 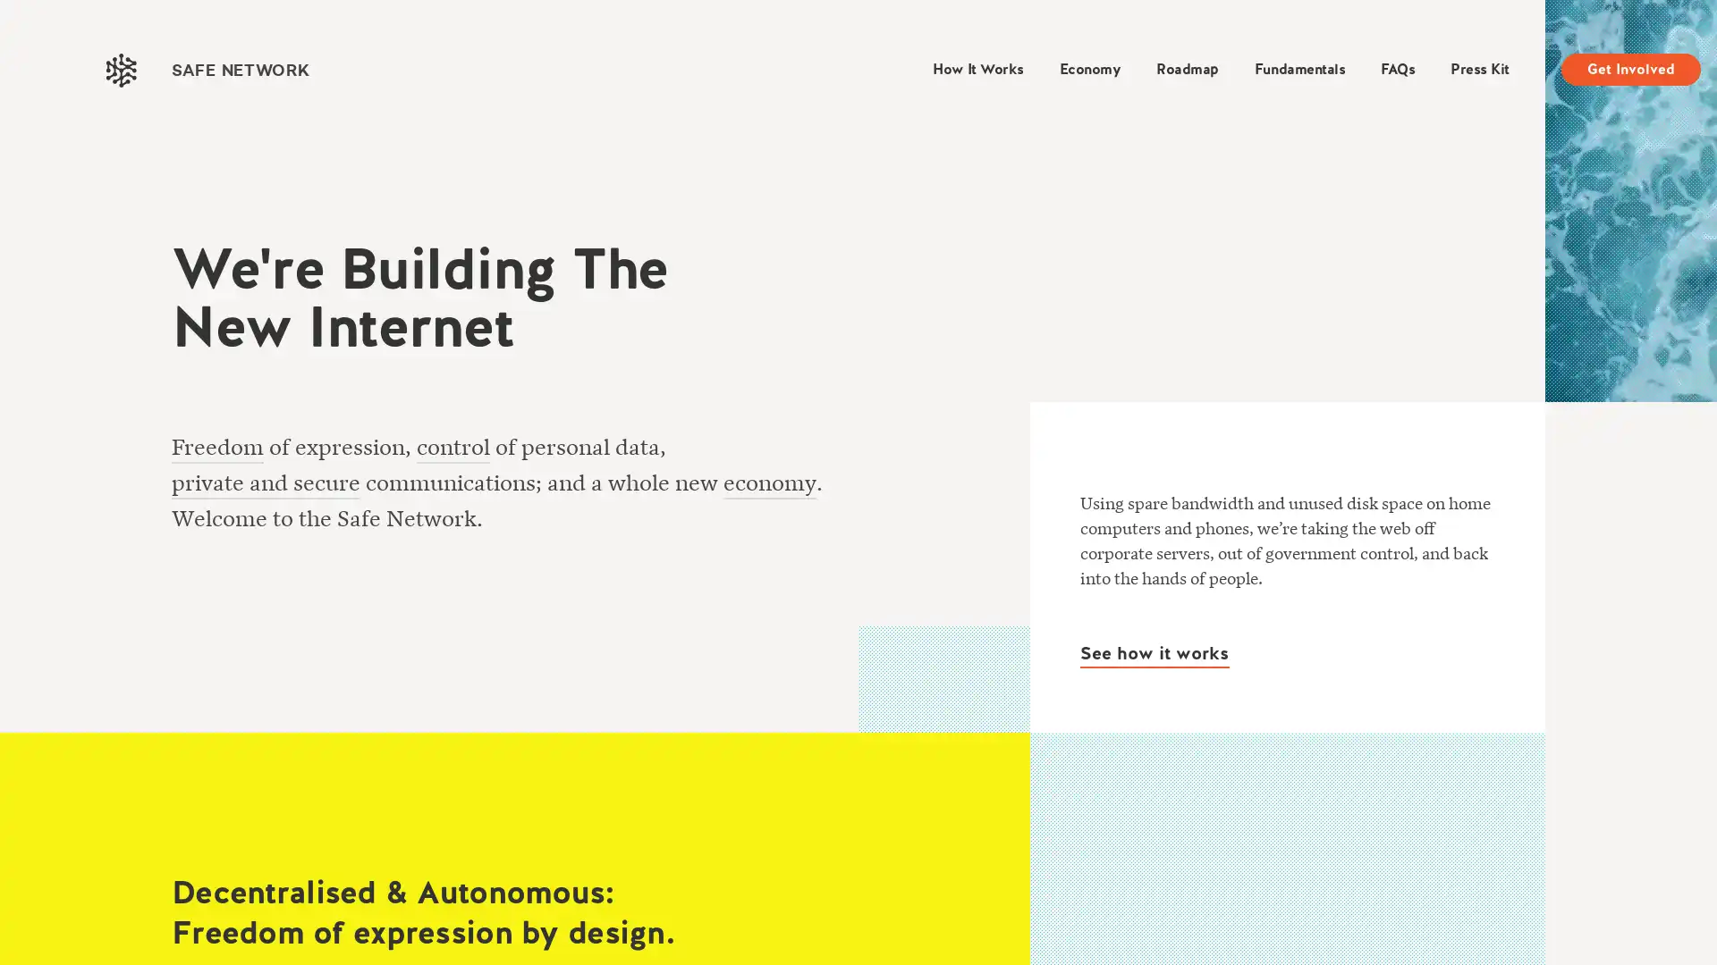 I want to click on Get Involved, so click(x=1631, y=68).